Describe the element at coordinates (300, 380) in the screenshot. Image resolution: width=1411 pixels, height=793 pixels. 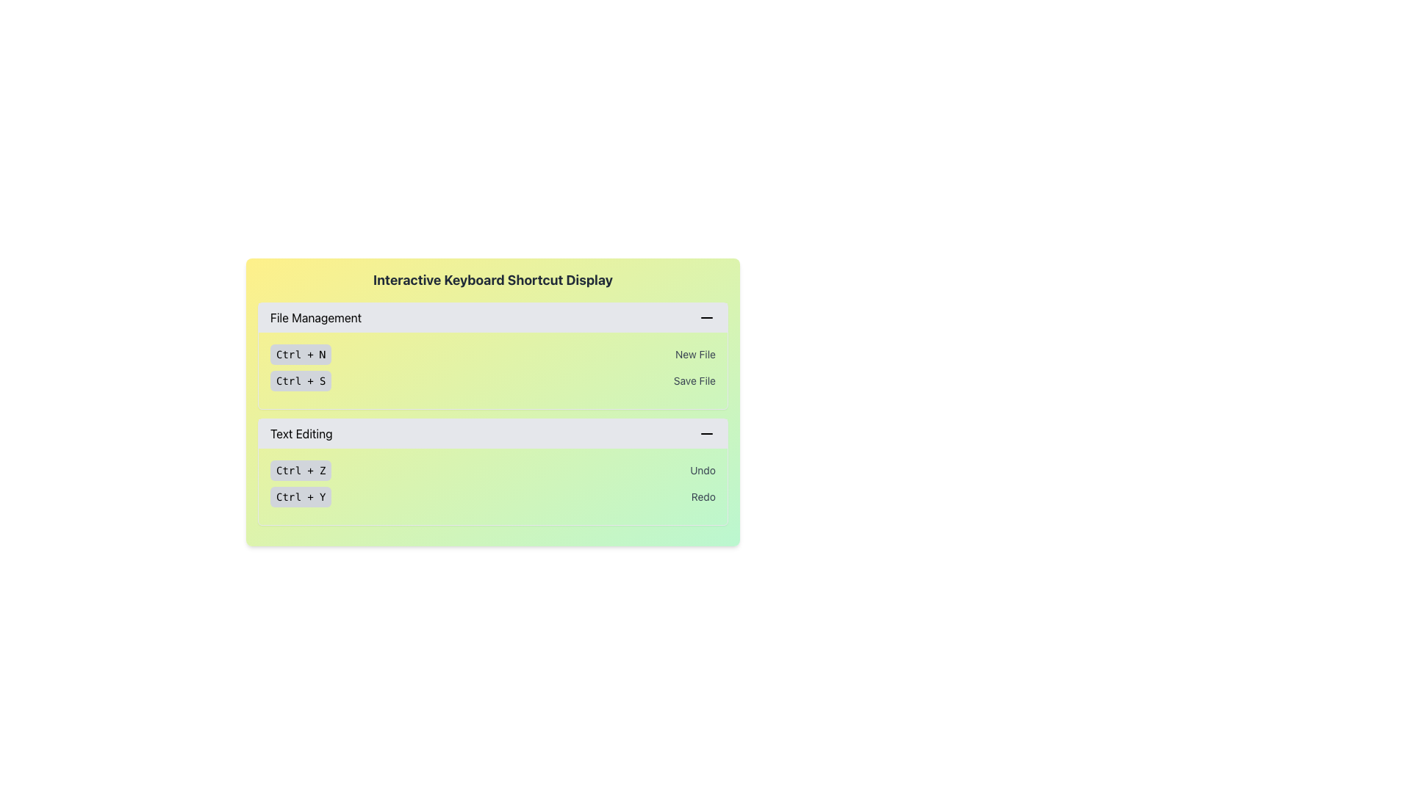
I see `the static label representing the keyboard shortcut 'Ctrl + S', which is located to the left of the 'Save File' text in the 'File Management' section` at that location.